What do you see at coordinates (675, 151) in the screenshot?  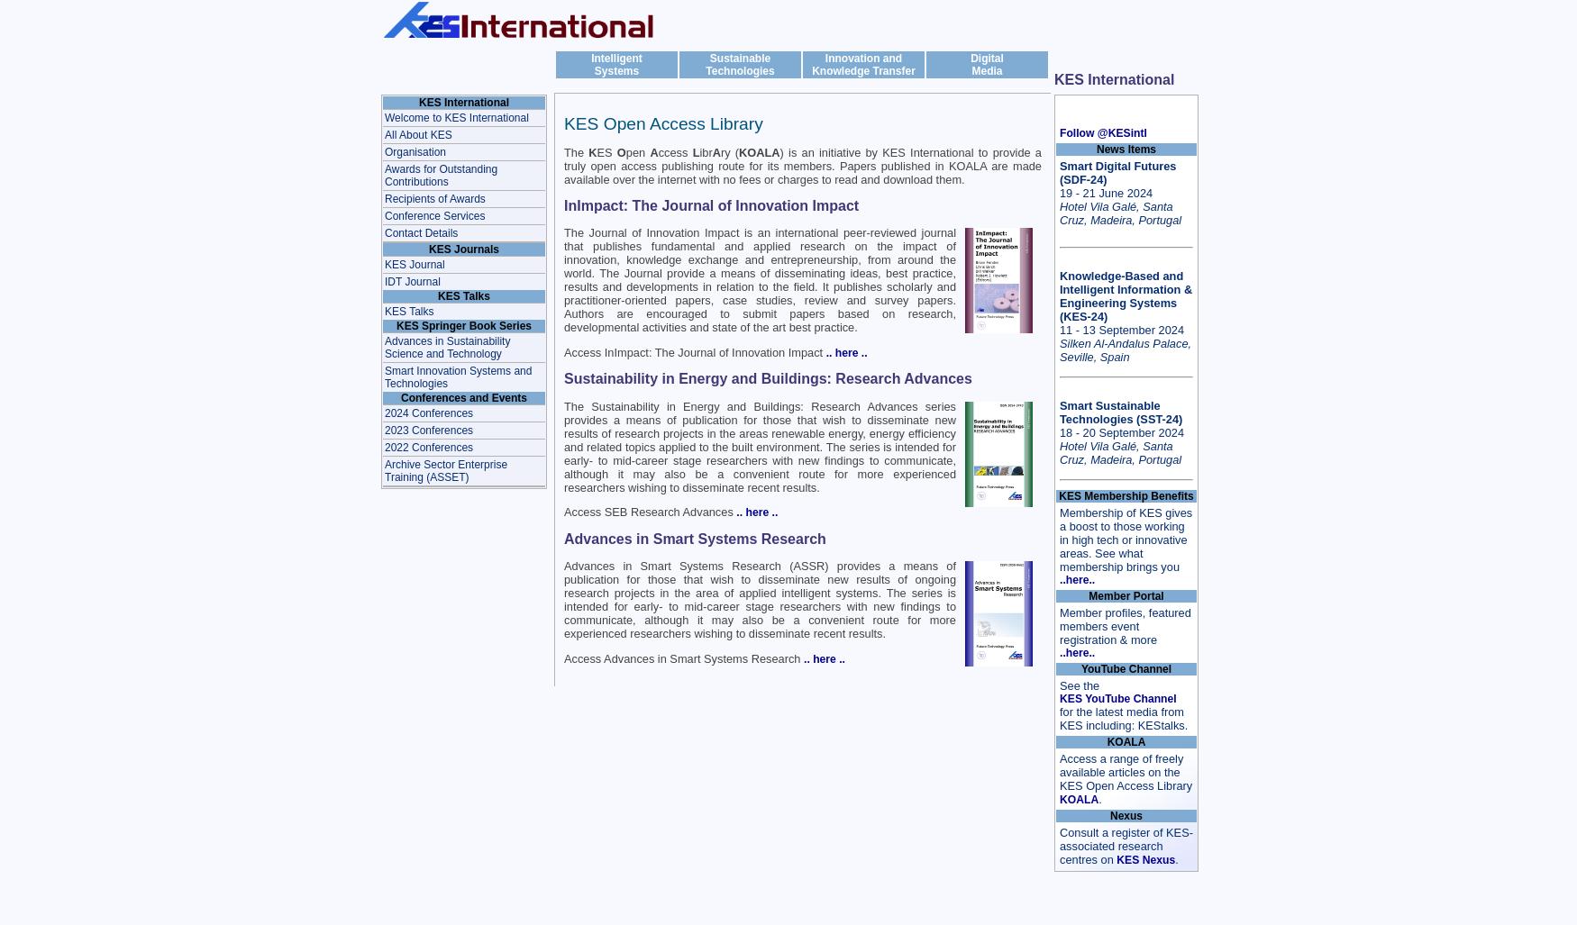 I see `'ccess'` at bounding box center [675, 151].